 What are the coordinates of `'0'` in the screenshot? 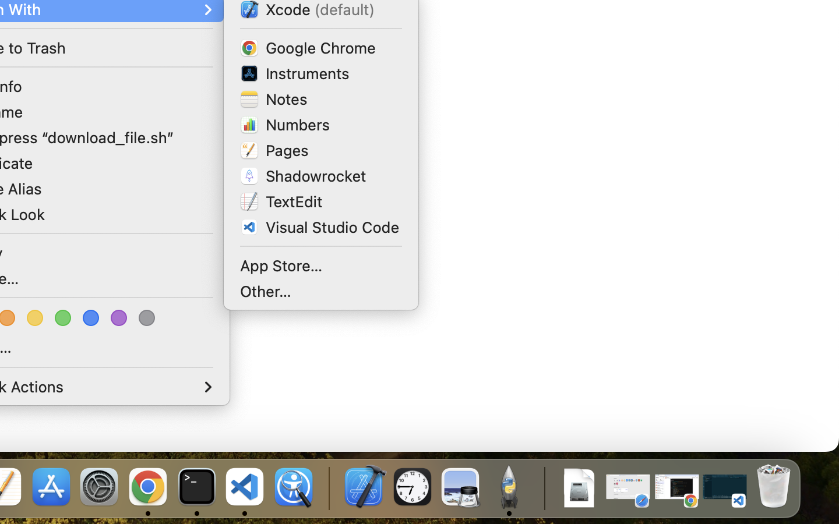 It's located at (36, 317).